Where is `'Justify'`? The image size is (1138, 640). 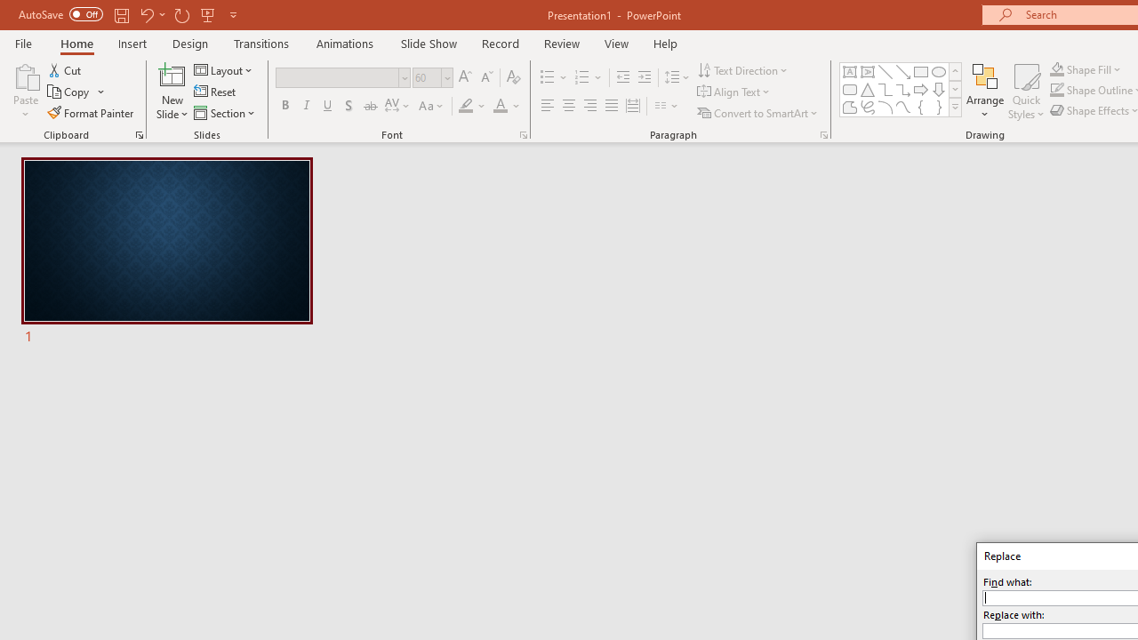 'Justify' is located at coordinates (612, 106).